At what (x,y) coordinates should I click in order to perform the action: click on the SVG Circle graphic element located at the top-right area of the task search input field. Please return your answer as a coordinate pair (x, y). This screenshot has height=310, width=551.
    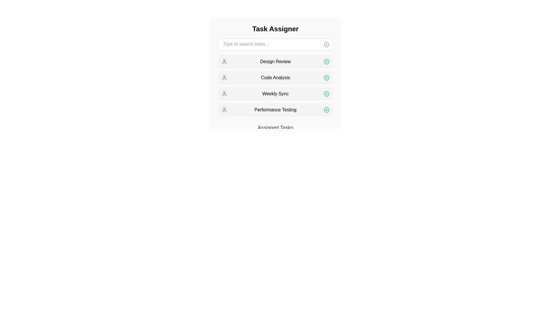
    Looking at the image, I should click on (326, 44).